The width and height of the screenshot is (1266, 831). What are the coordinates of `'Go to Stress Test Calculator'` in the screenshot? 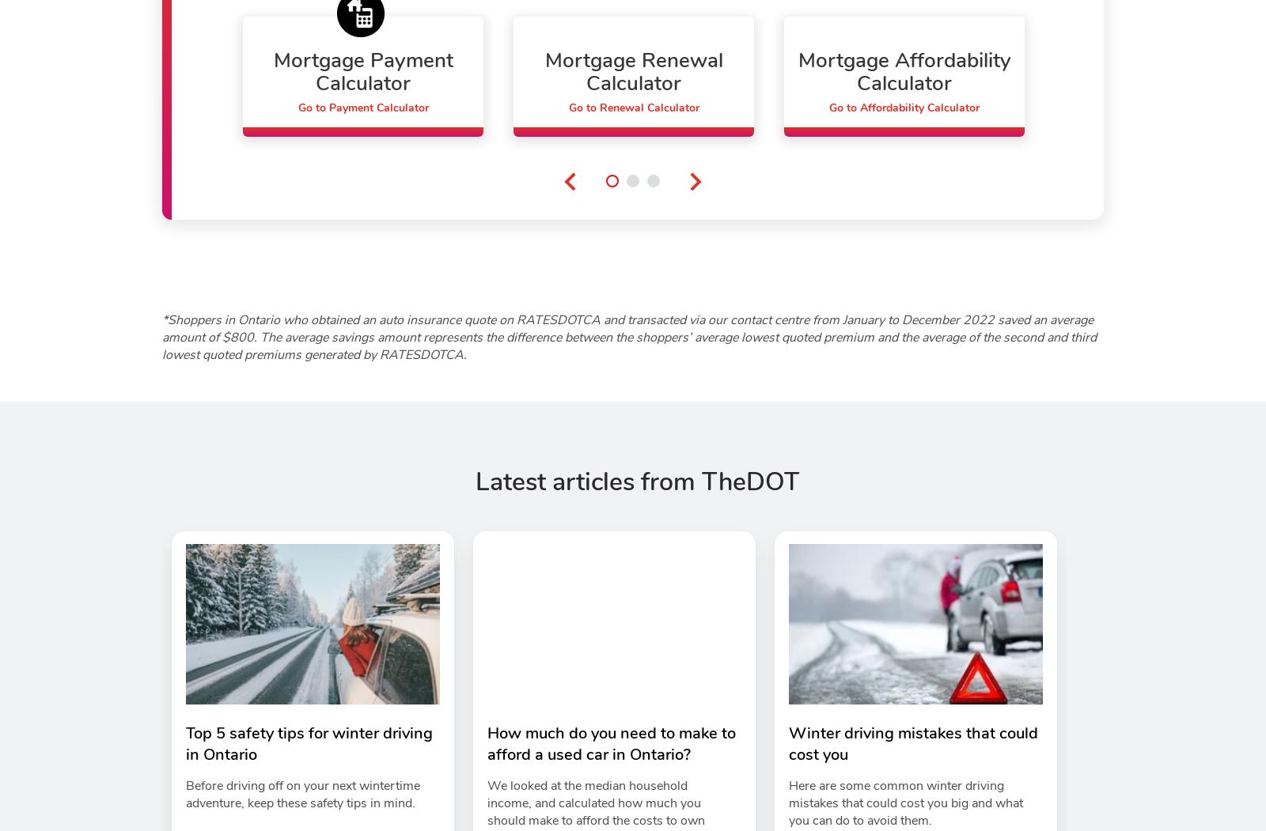 It's located at (1174, 107).